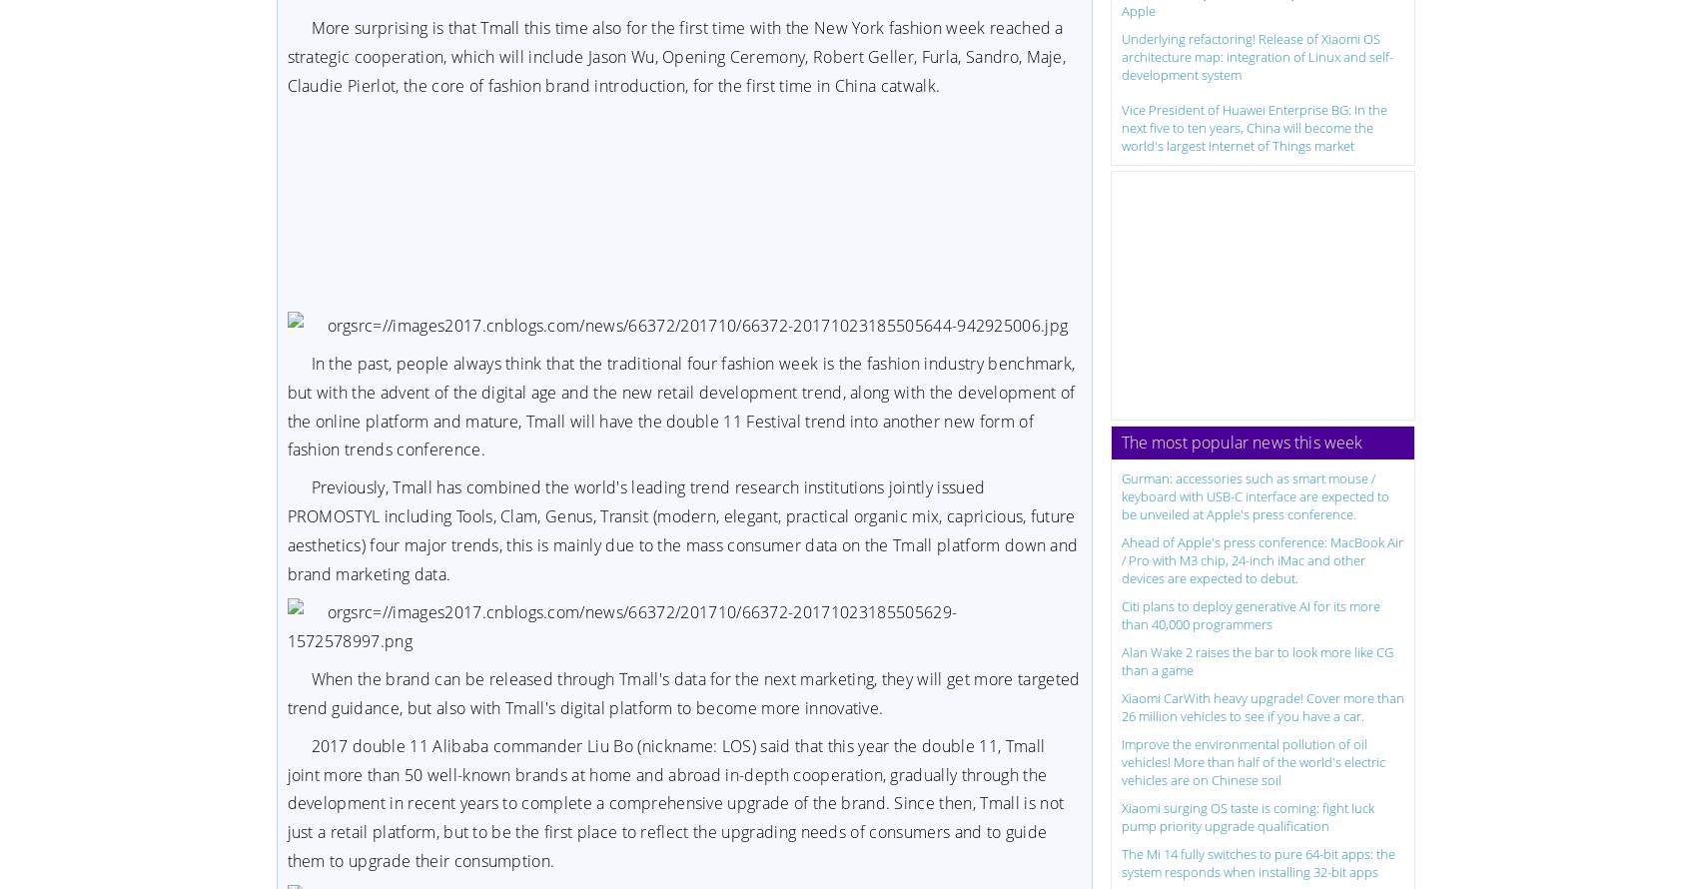 This screenshot has width=1691, height=889. Describe the element at coordinates (1247, 815) in the screenshot. I see `'Xiaomi surging OS taste is coming: fight luck pump priority upgrade qualification'` at that location.